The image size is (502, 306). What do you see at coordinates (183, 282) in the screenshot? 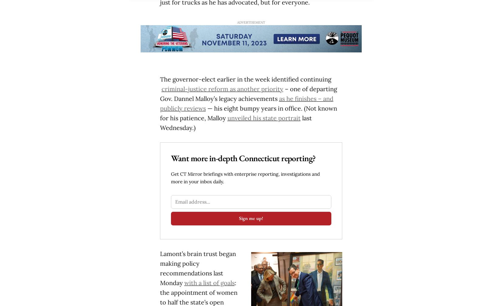
I see `'with a list of goals'` at bounding box center [183, 282].